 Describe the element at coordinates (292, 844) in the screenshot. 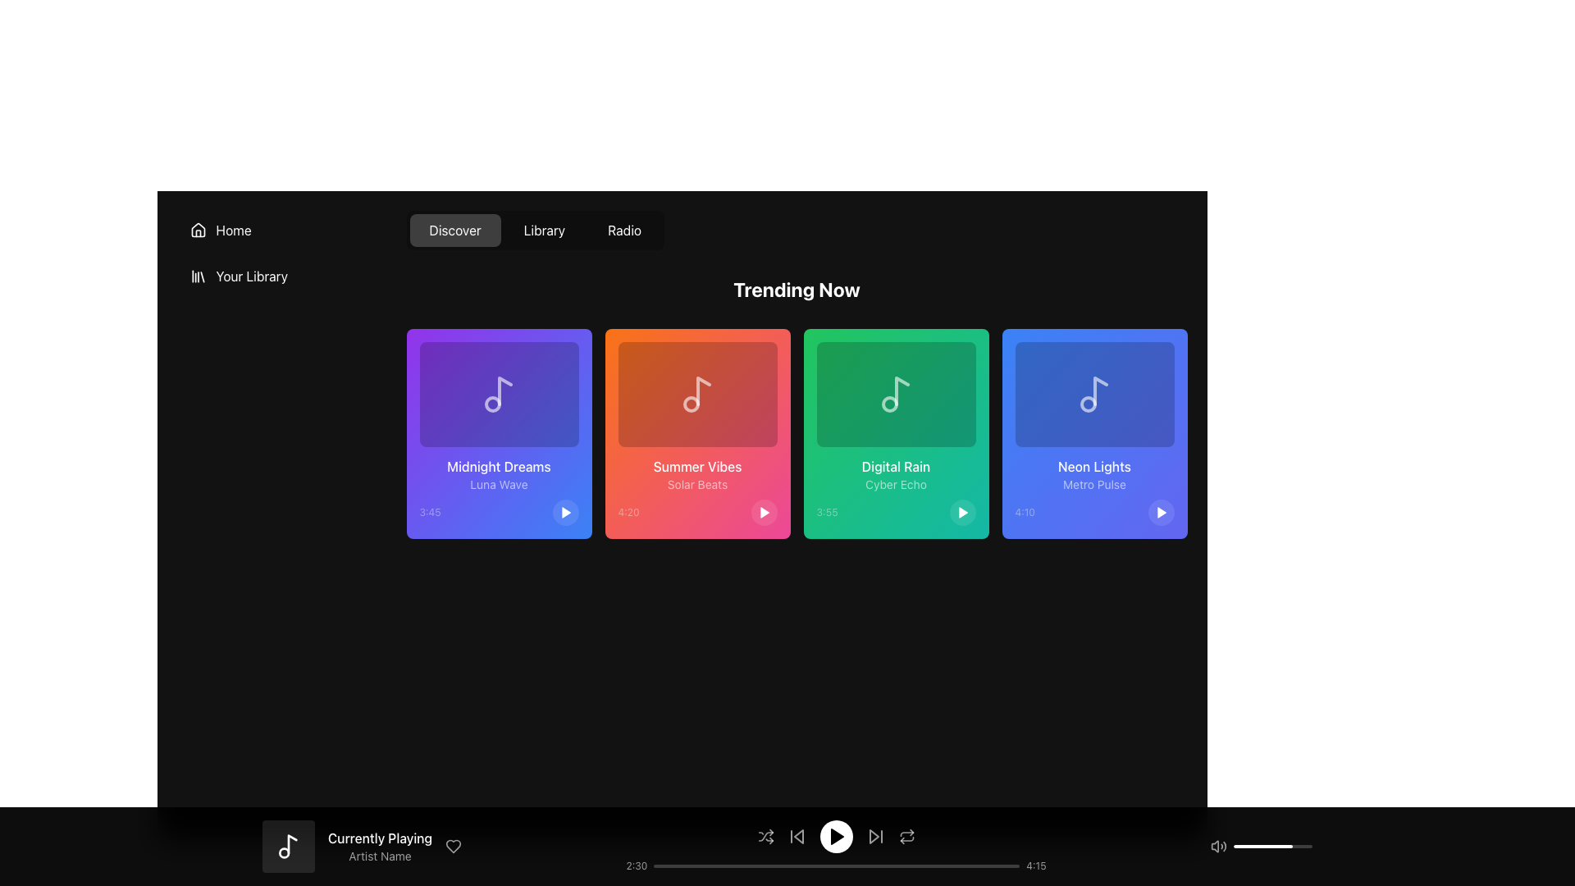

I see `the state change of the abstract musical note icon, which is white and located to the left of the 'Currently Playing' label, slightly above the bottom bar of the interface` at that location.